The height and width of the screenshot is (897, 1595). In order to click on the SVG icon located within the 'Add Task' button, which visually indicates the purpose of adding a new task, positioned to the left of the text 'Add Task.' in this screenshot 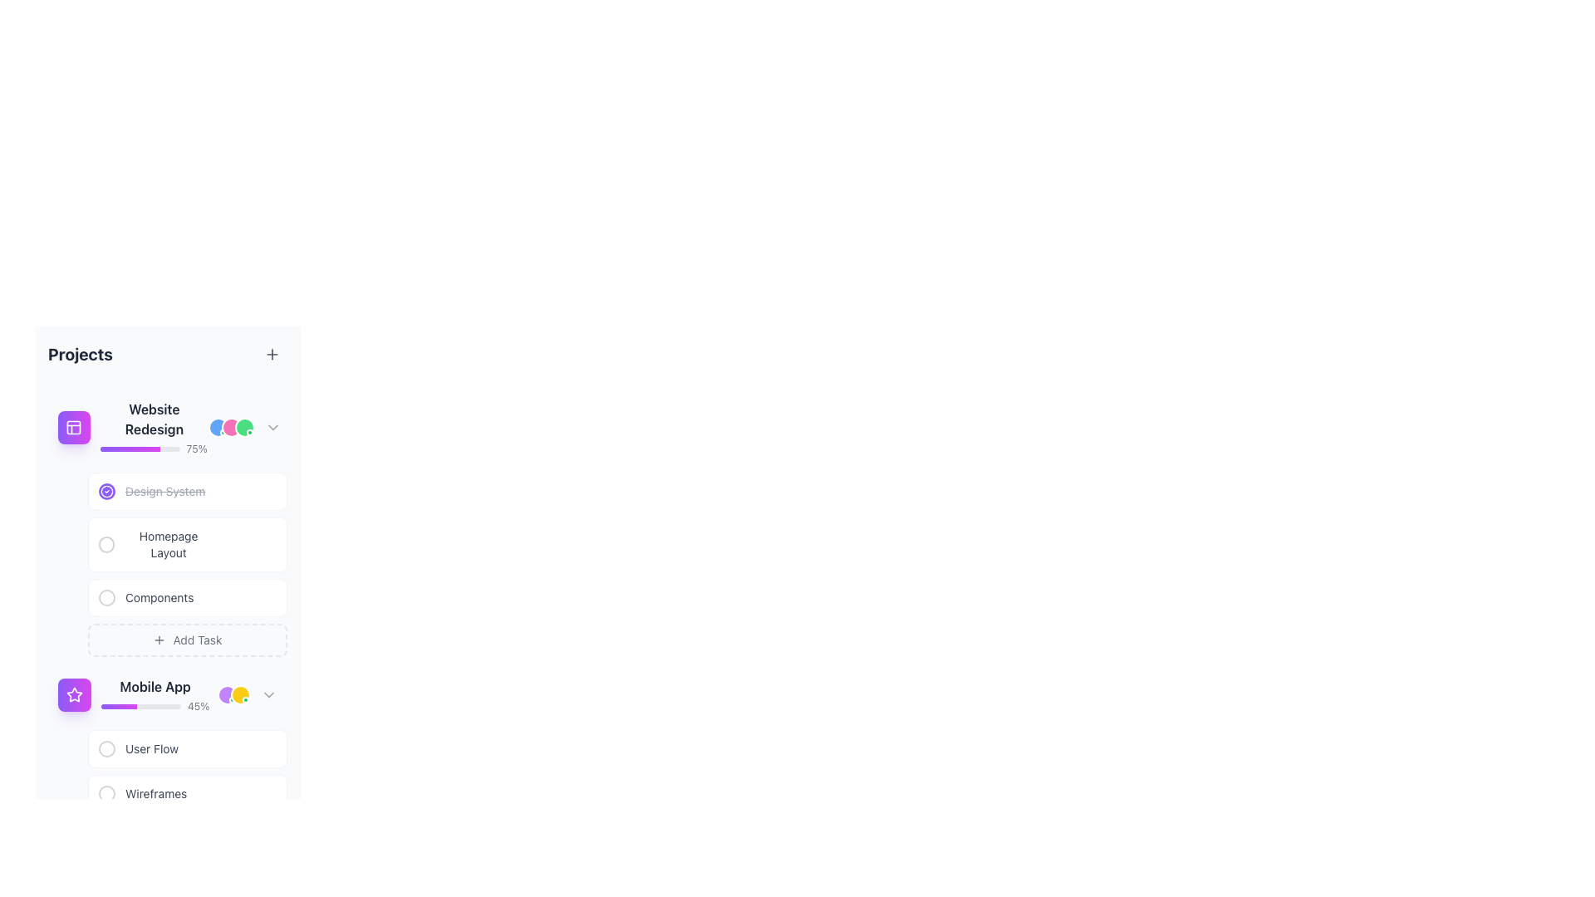, I will do `click(159, 640)`.